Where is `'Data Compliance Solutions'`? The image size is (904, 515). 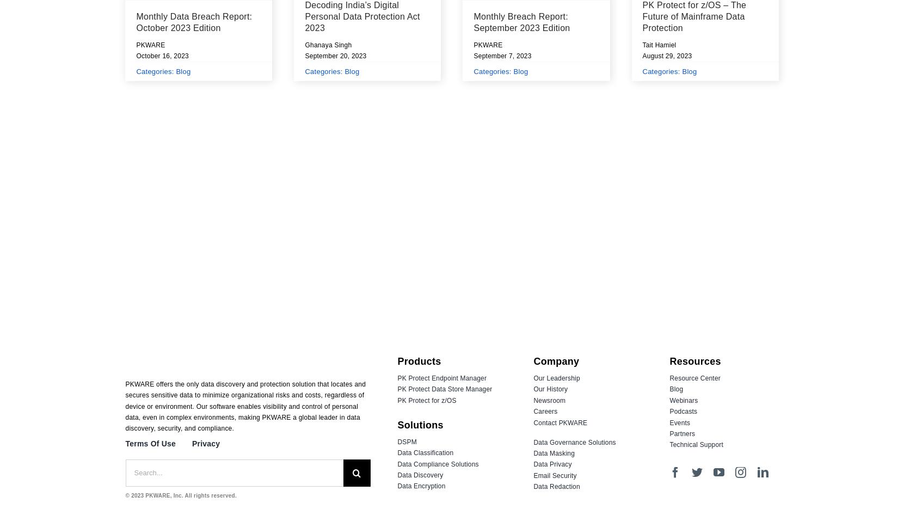
'Data Compliance Solutions' is located at coordinates (437, 463).